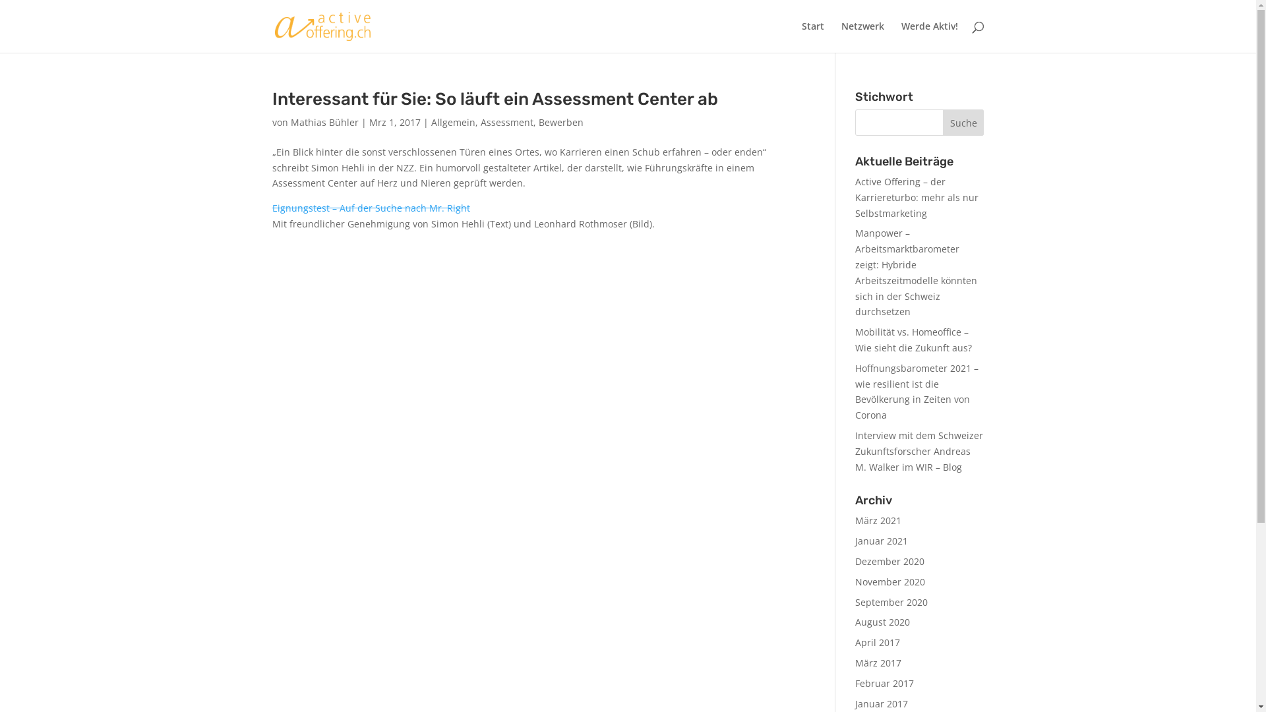 This screenshot has width=1266, height=712. I want to click on 'Januar 2017', so click(882, 703).